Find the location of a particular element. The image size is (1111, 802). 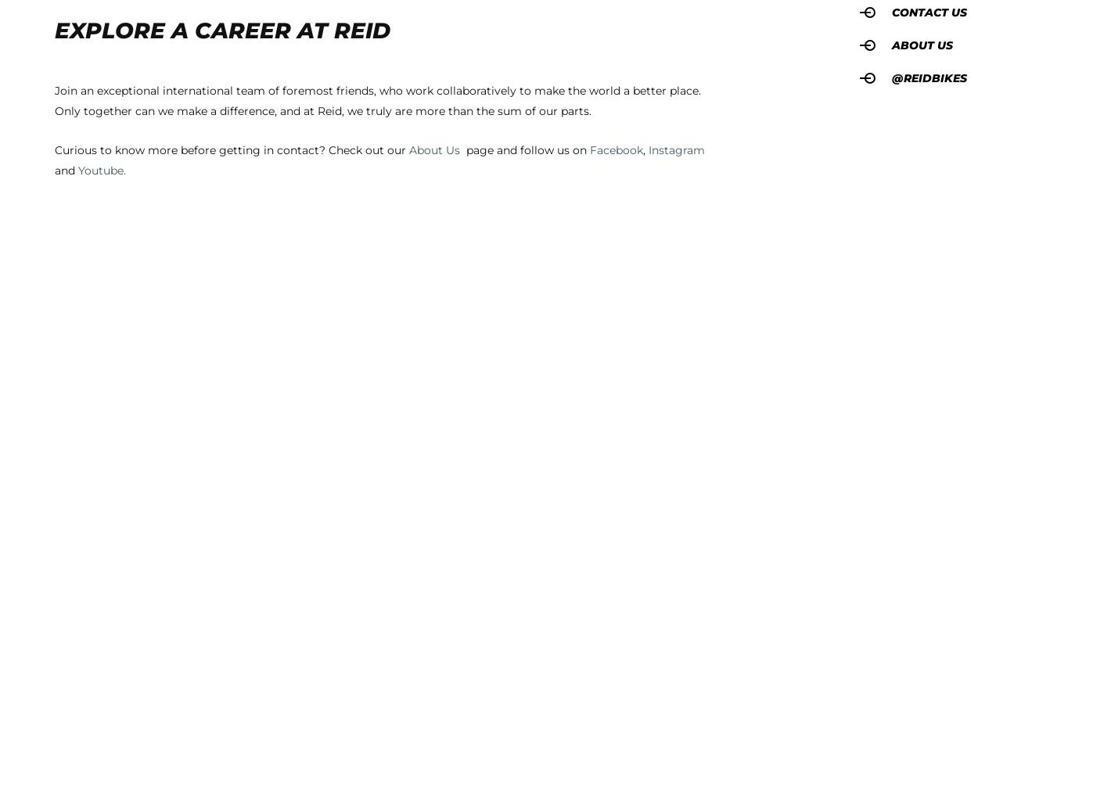

'Scooters' is located at coordinates (253, 401).